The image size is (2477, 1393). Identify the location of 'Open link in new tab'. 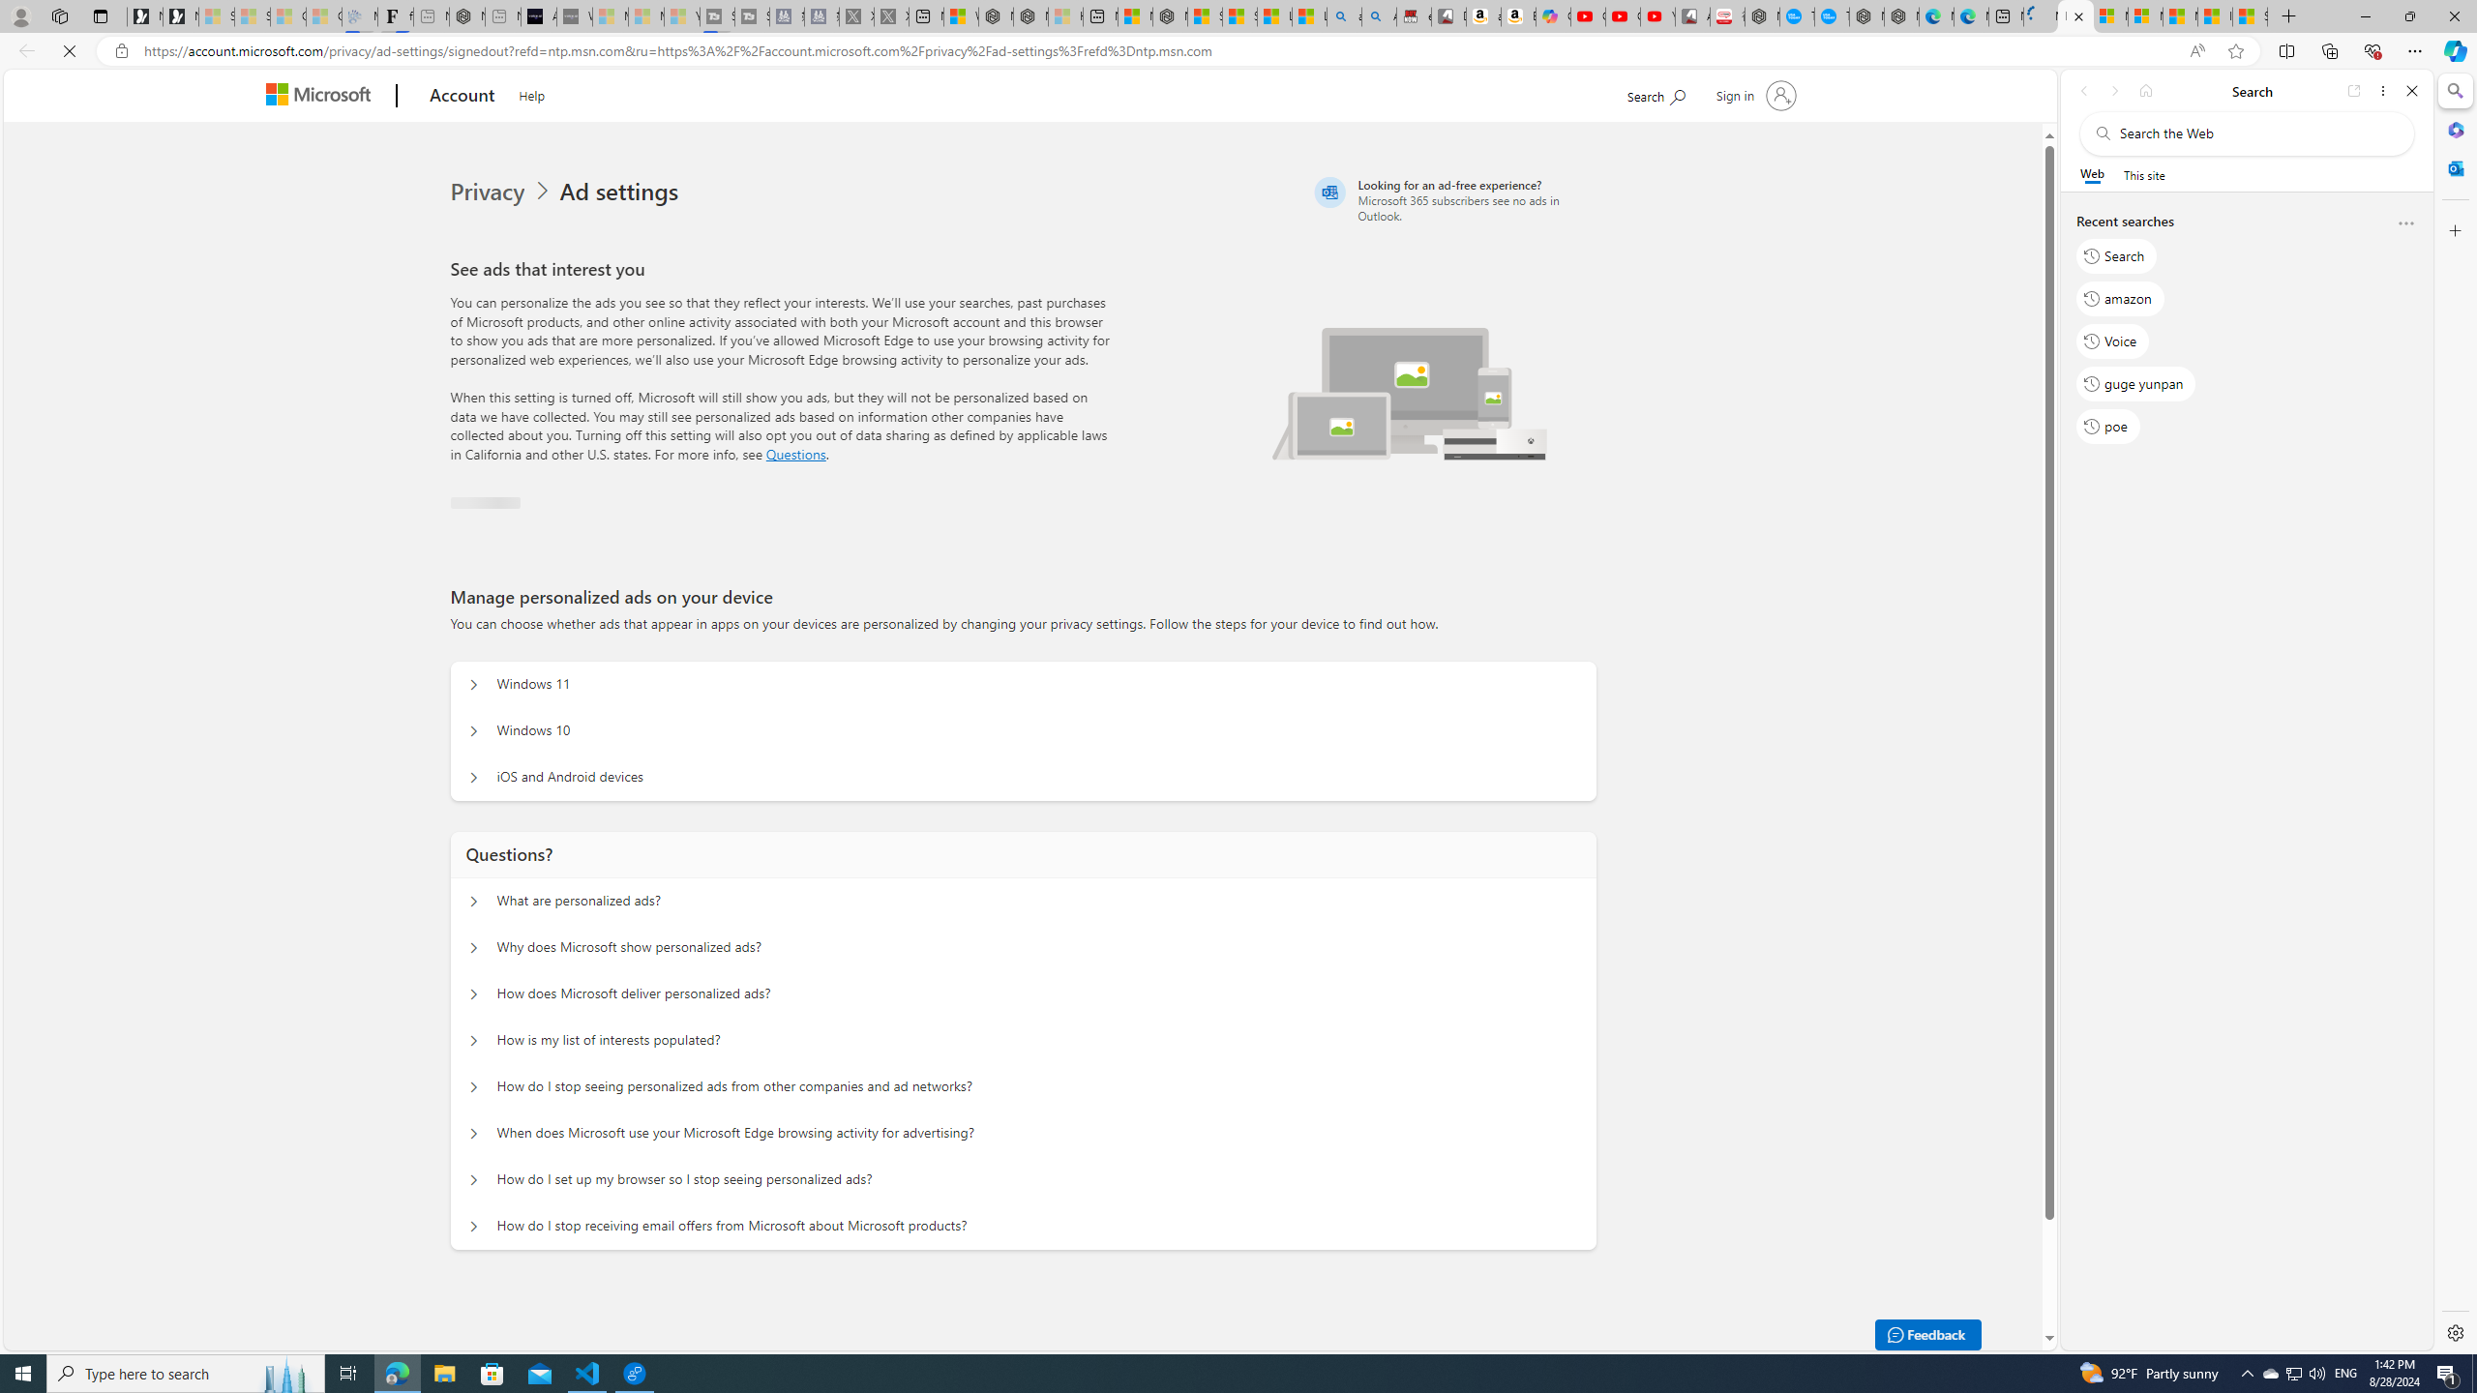
(2354, 90).